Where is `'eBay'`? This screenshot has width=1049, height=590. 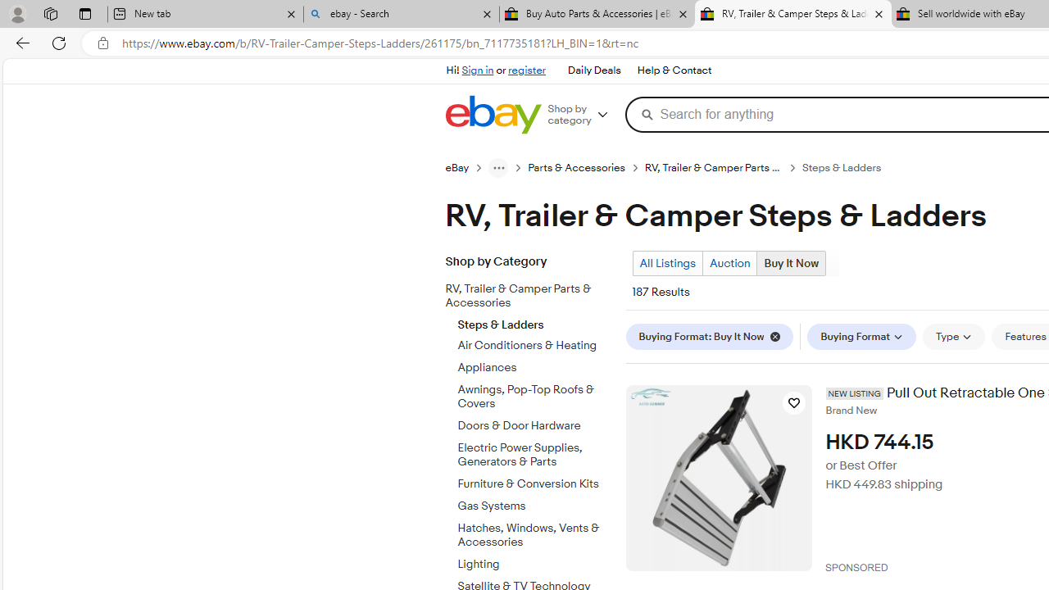 'eBay' is located at coordinates (457, 168).